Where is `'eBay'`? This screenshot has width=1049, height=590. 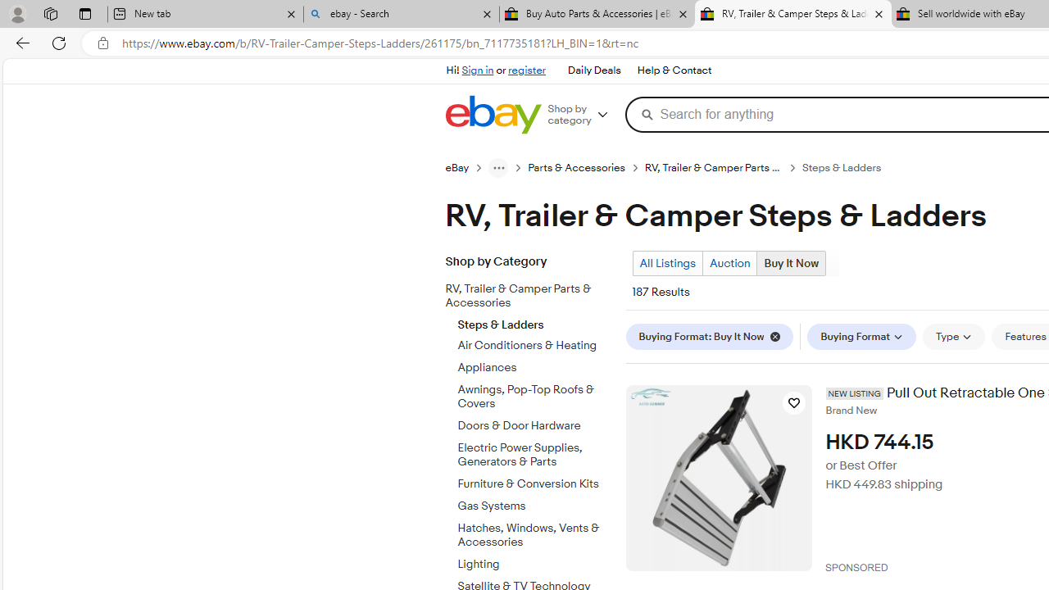 'eBay' is located at coordinates (457, 168).